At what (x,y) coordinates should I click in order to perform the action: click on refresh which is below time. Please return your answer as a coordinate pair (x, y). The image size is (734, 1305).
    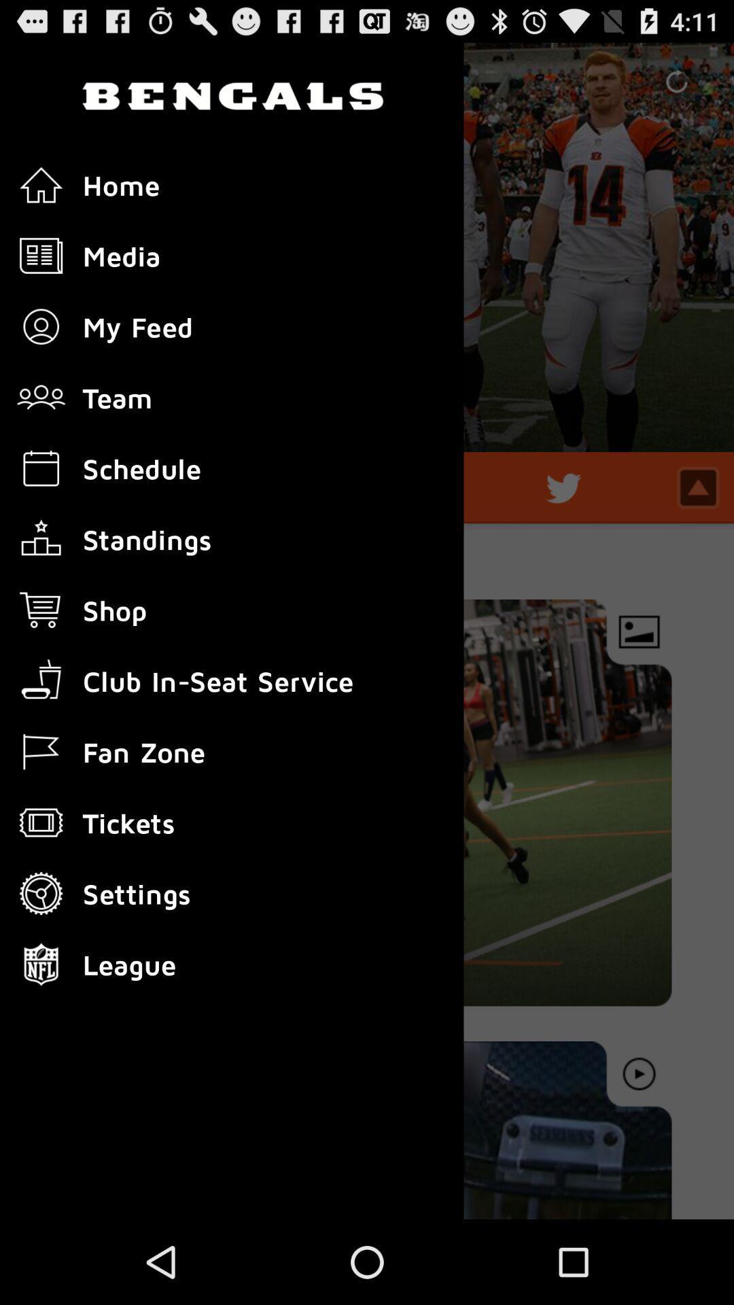
    Looking at the image, I should click on (676, 81).